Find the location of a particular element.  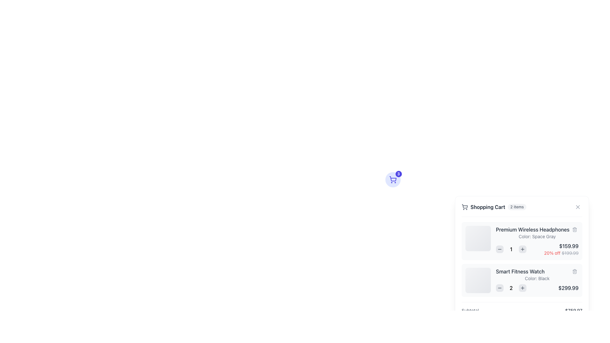

the small round gray decrement button located to the left of the quantity '1' for the 'Premium Wireless Headphones' in the shopping cart is located at coordinates (499, 249).